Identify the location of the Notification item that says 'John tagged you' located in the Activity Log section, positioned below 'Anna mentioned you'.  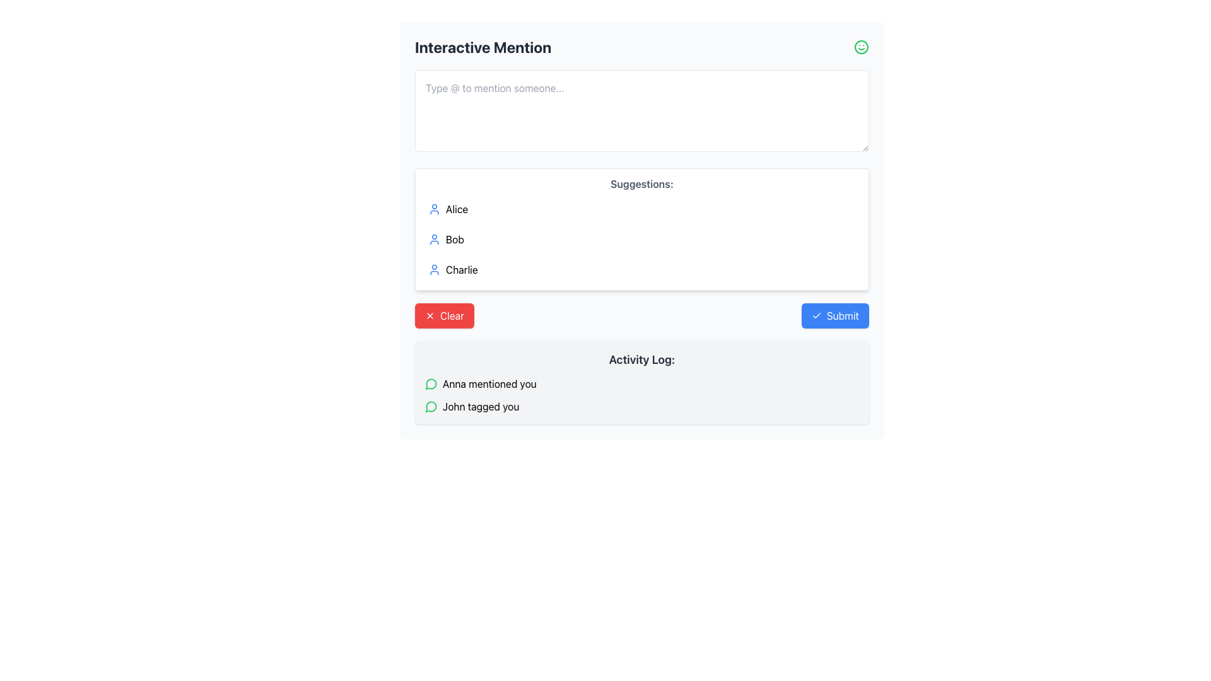
(641, 406).